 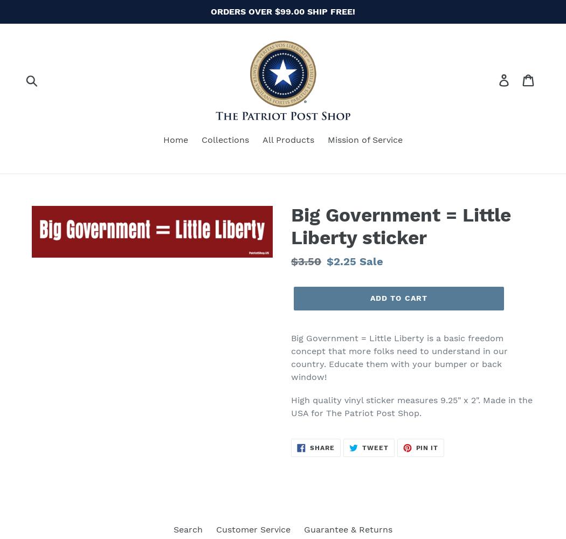 What do you see at coordinates (283, 11) in the screenshot?
I see `'ORDERS OVER $99.00 SHIP FREE!'` at bounding box center [283, 11].